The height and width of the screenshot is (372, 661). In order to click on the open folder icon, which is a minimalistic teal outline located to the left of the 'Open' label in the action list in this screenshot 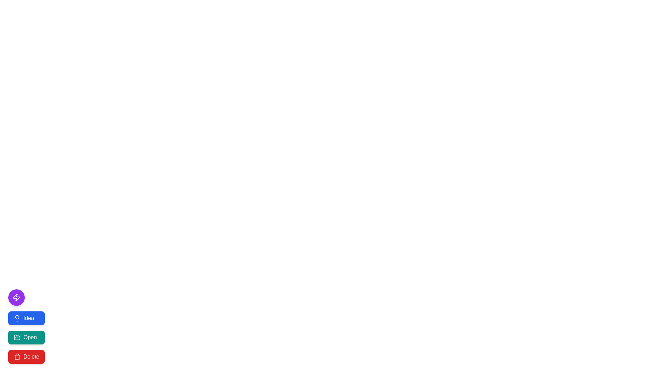, I will do `click(17, 337)`.